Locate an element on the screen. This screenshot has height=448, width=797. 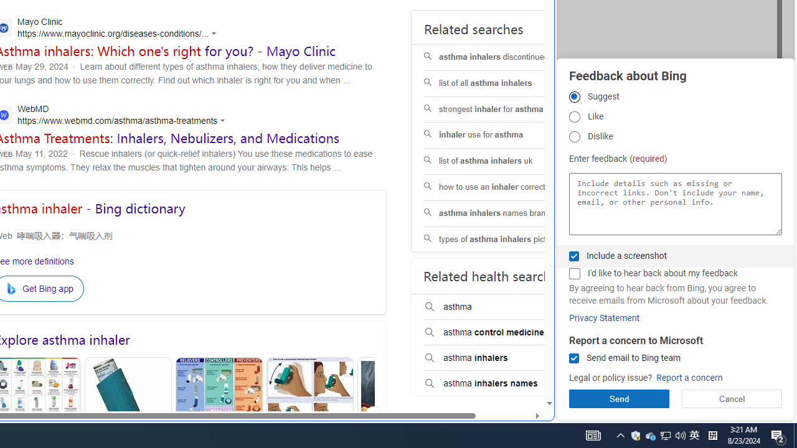
'asthma inhalers discontinued' is located at coordinates (502, 57).